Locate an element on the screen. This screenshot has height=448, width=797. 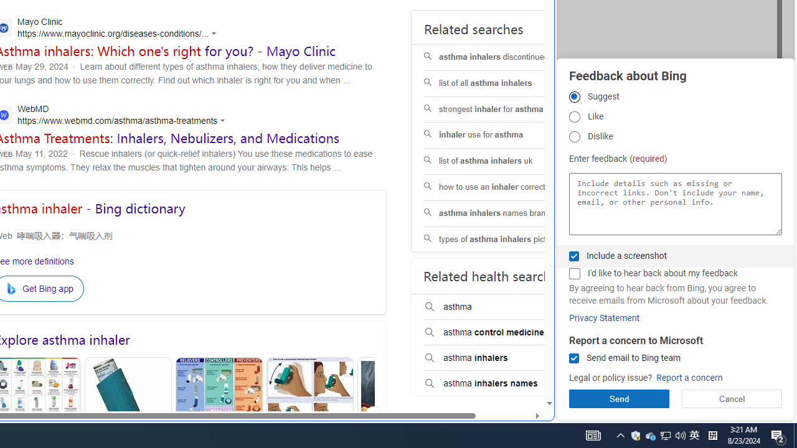
'asthma inhalers discontinued' is located at coordinates (502, 57).